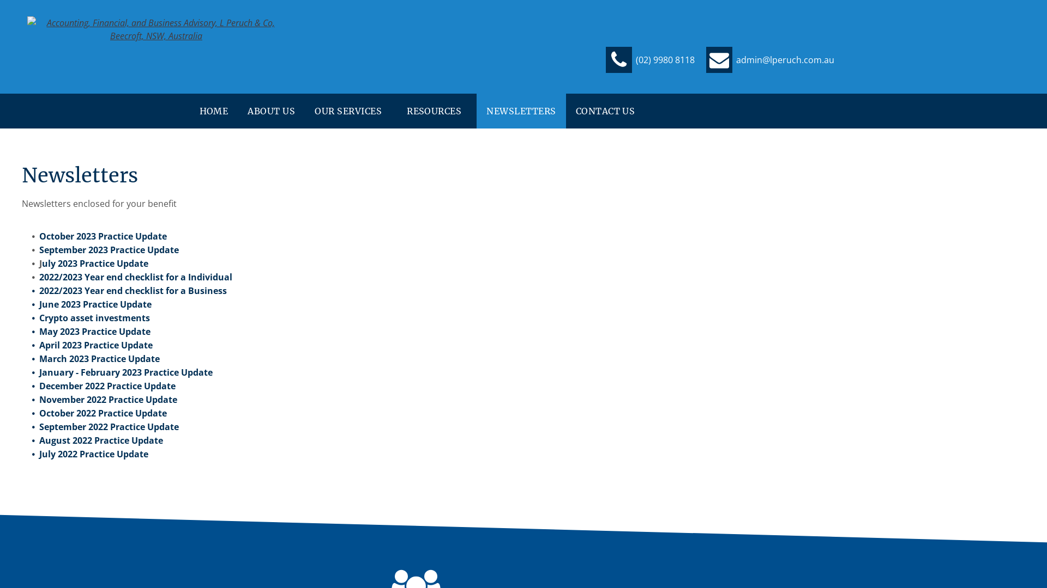 The width and height of the screenshot is (1047, 588). Describe the element at coordinates (103, 413) in the screenshot. I see `'October 2022 Practice Update'` at that location.